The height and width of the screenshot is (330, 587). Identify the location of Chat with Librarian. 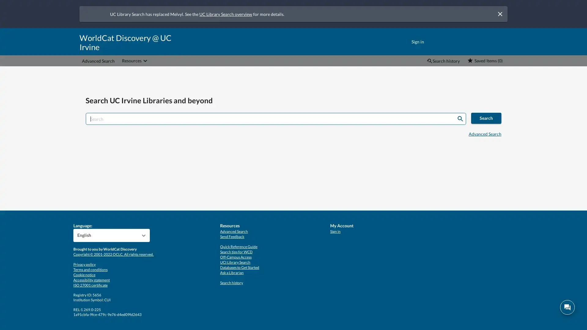
(567, 307).